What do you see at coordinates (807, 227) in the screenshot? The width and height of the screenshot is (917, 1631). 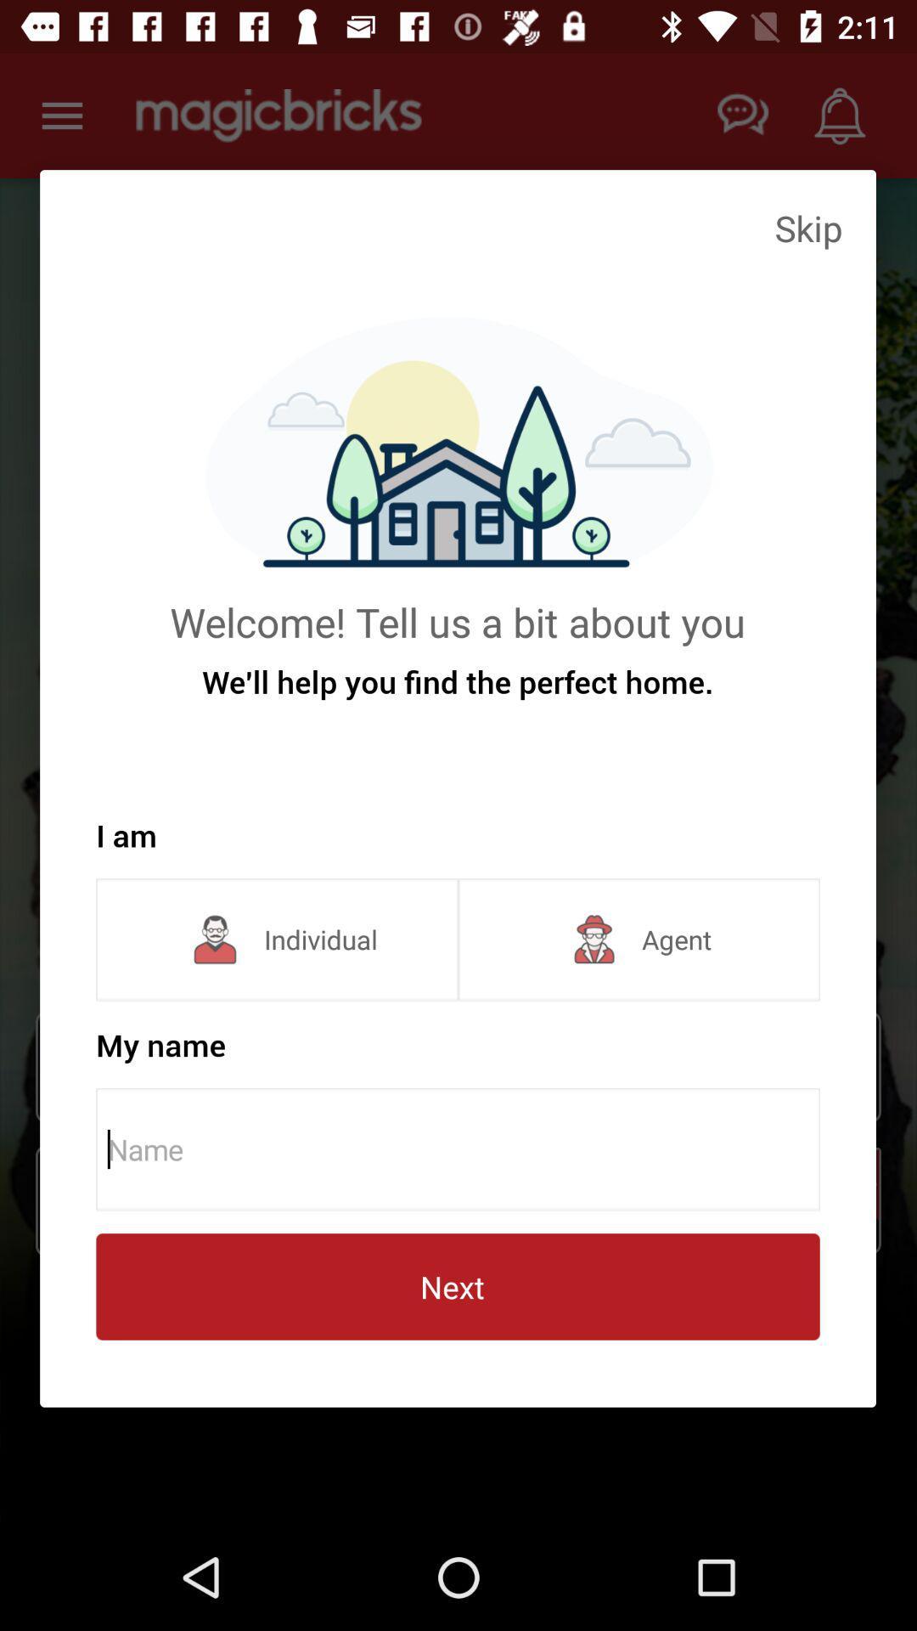 I see `skip item` at bounding box center [807, 227].